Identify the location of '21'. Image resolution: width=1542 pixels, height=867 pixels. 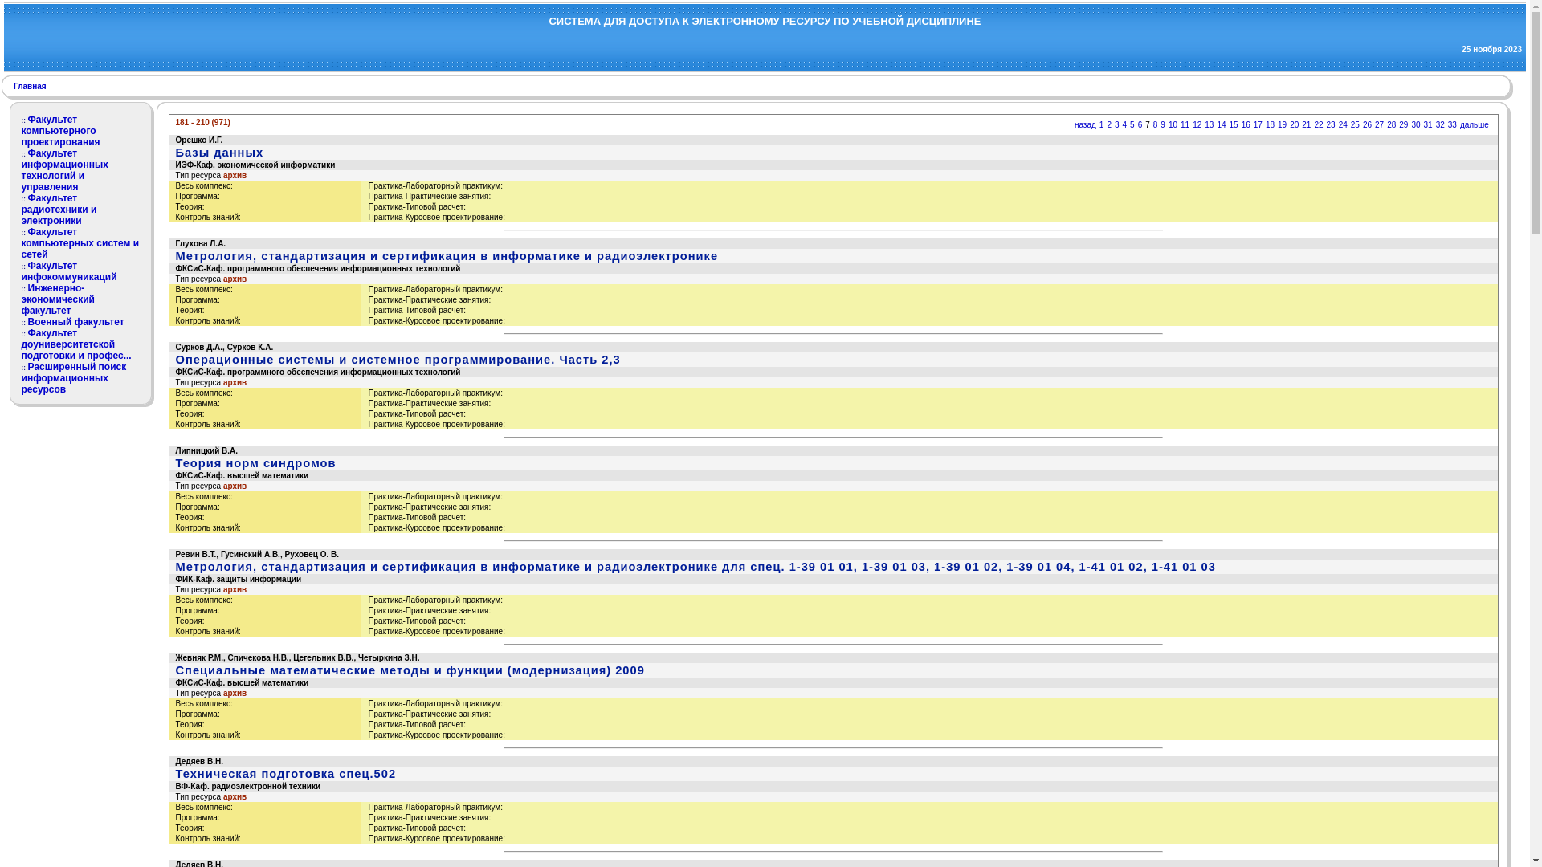
(1306, 124).